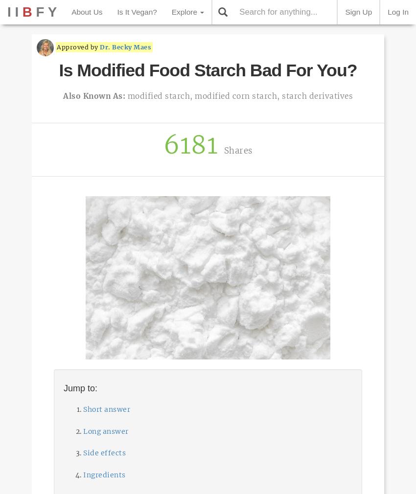 Image resolution: width=416 pixels, height=494 pixels. What do you see at coordinates (78, 46) in the screenshot?
I see `'Approved by'` at bounding box center [78, 46].